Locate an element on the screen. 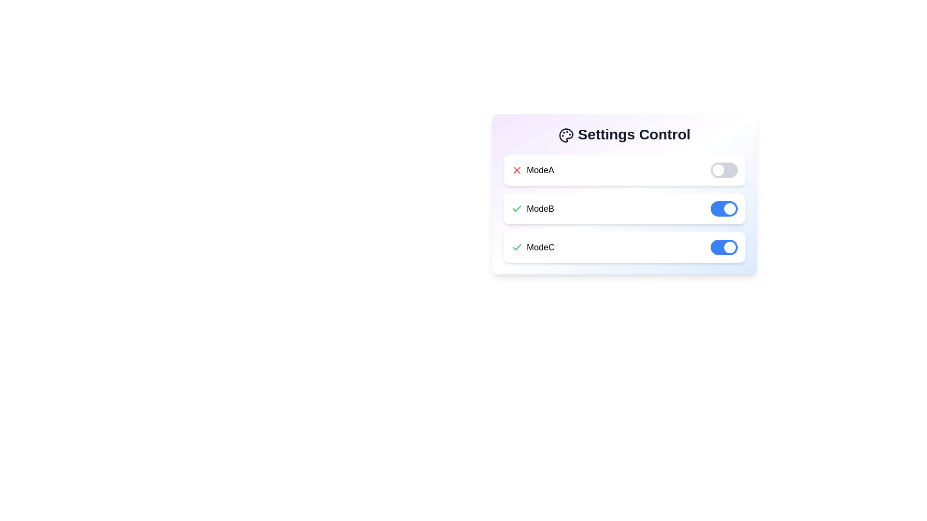 The width and height of the screenshot is (927, 521). the 'ModeA' text label in the settings section that identifies the mode, positioned in the uppermost row under 'Settings Control' is located at coordinates (532, 170).